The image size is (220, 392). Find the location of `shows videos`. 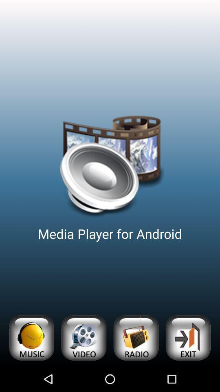

shows videos is located at coordinates (83, 338).